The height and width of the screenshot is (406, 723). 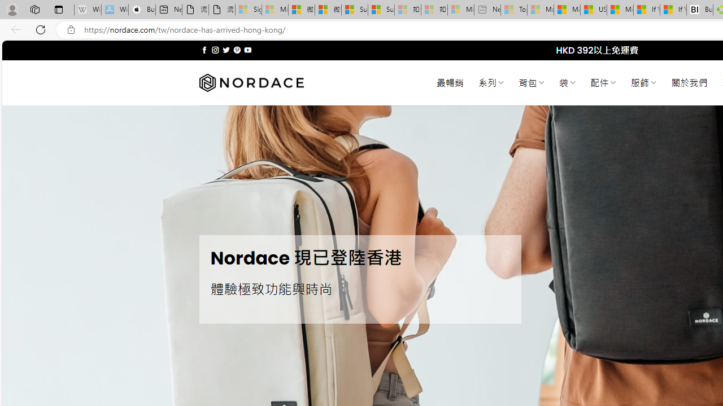 I want to click on 'Marine life - MSN - Sleeping', so click(x=540, y=10).